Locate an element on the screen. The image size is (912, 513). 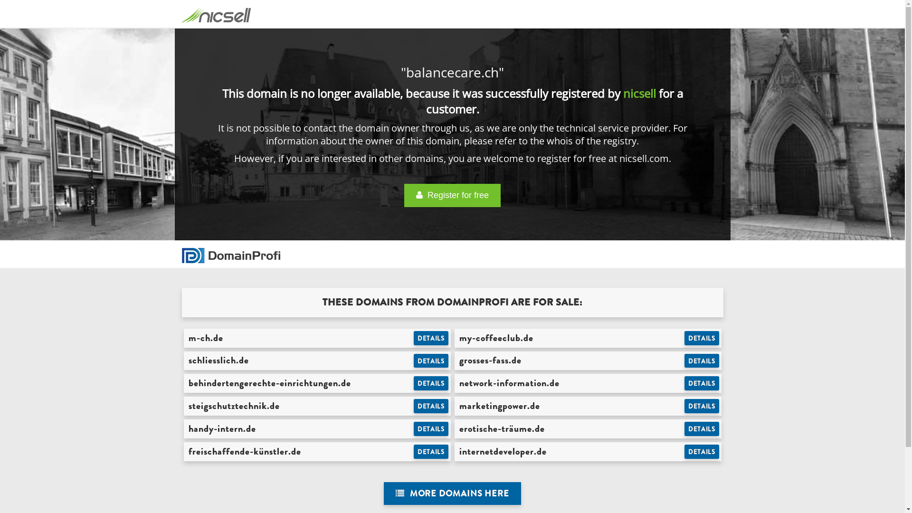
'  MORE DOMAINS HERE' is located at coordinates (452, 493).